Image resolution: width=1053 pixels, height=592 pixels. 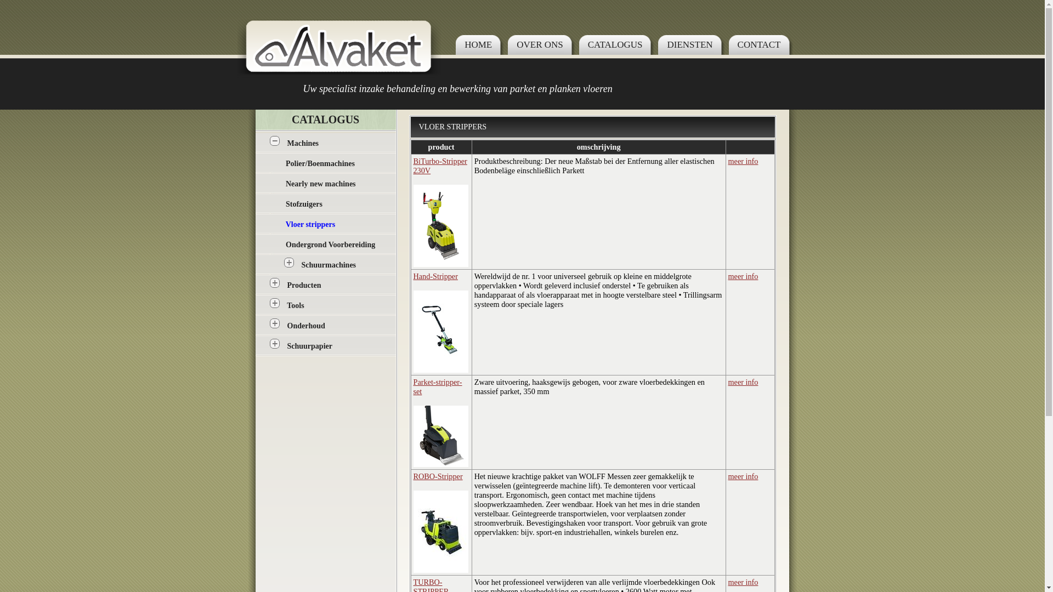 What do you see at coordinates (304, 284) in the screenshot?
I see `'Producten'` at bounding box center [304, 284].